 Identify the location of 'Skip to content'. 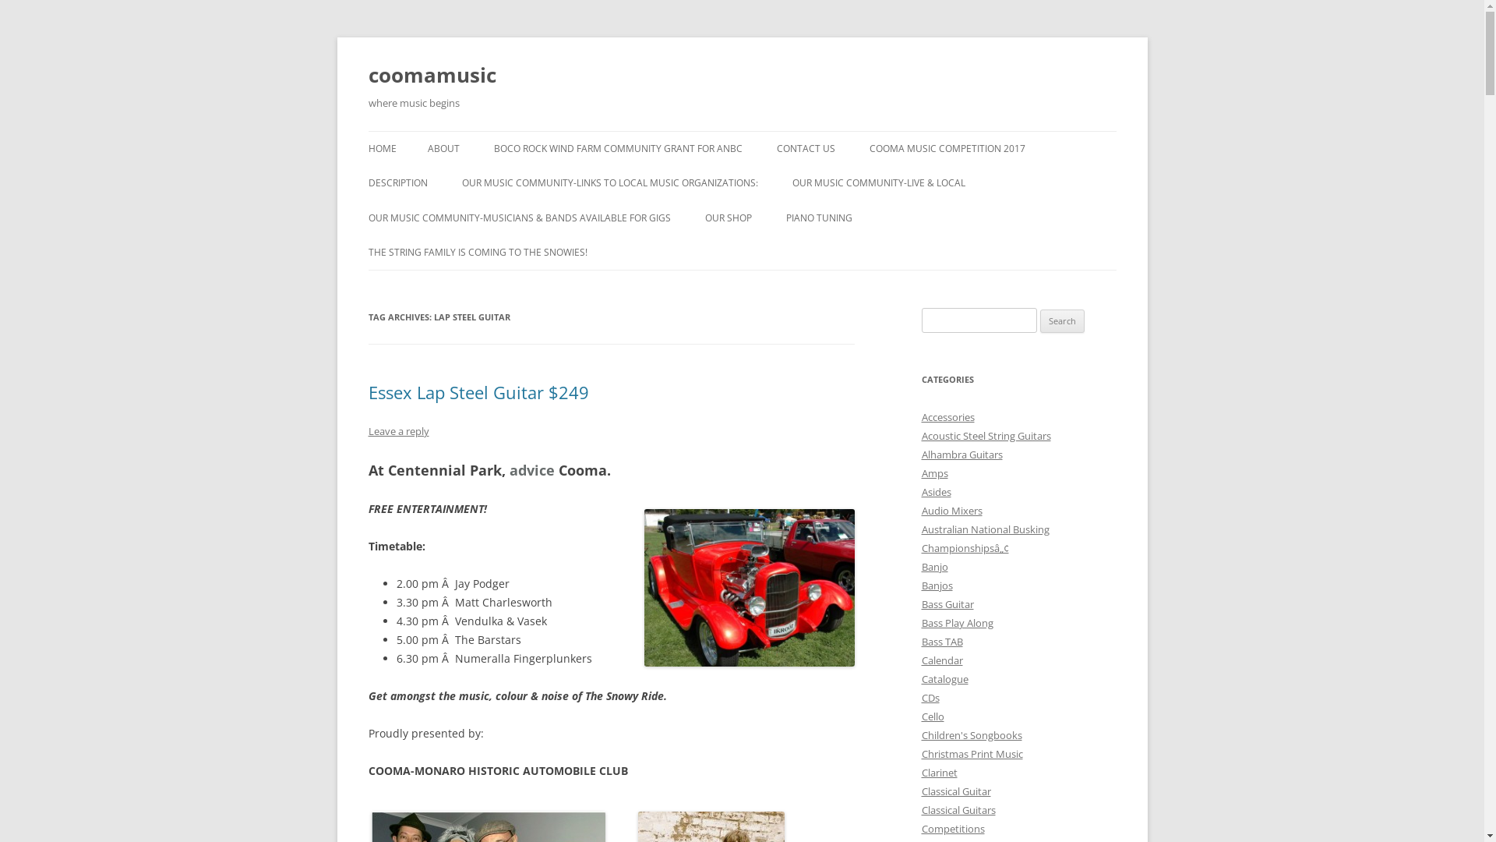
(740, 130).